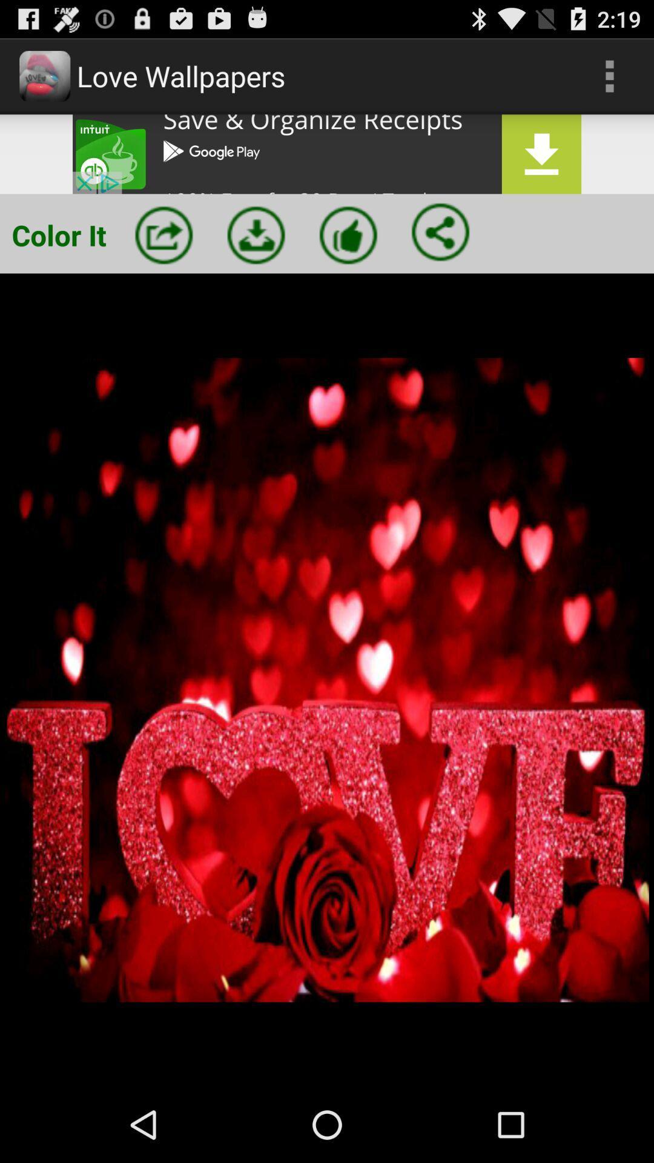  Describe the element at coordinates (440, 232) in the screenshot. I see `share the image` at that location.